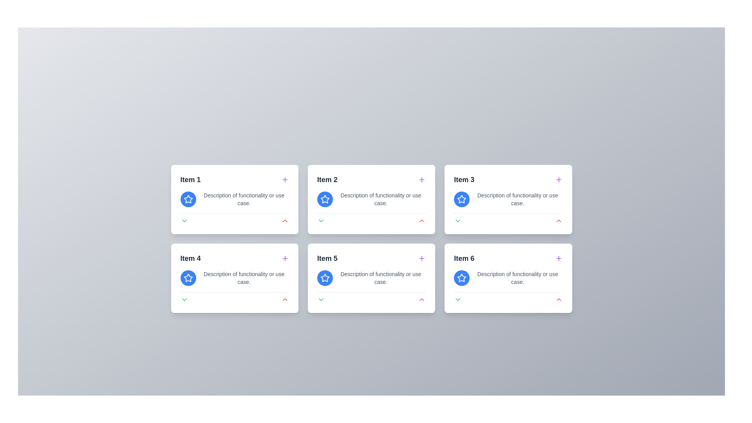 The width and height of the screenshot is (752, 423). Describe the element at coordinates (188, 277) in the screenshot. I see `the circular blue Icon button with a white star icon located in the upper left corner of the 'Item 4' card` at that location.